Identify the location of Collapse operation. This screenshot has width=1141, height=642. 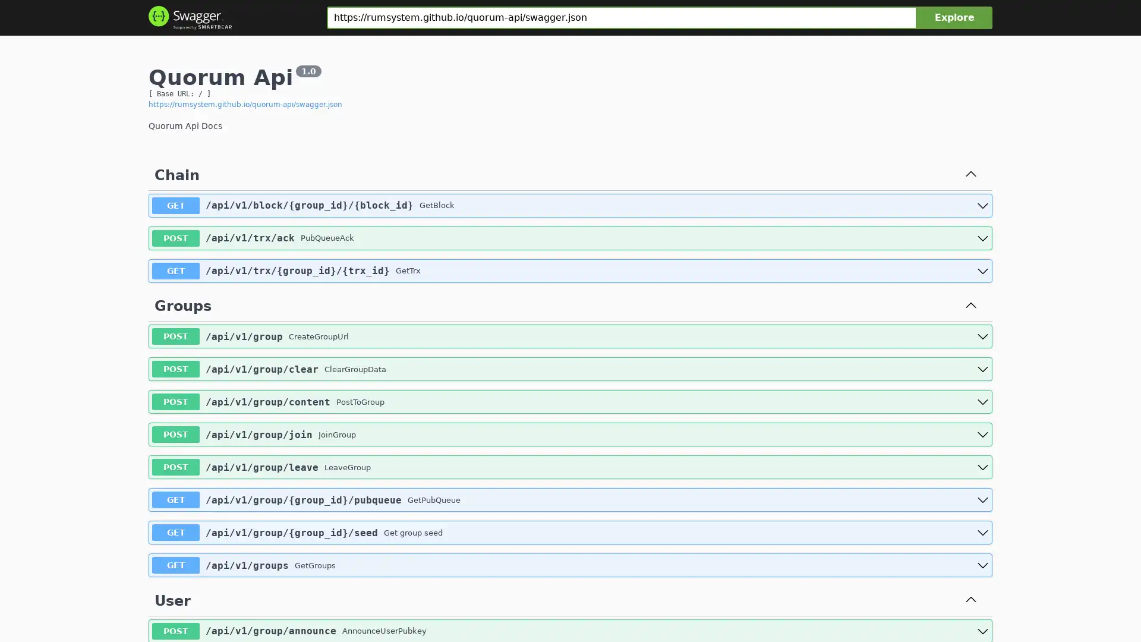
(970, 306).